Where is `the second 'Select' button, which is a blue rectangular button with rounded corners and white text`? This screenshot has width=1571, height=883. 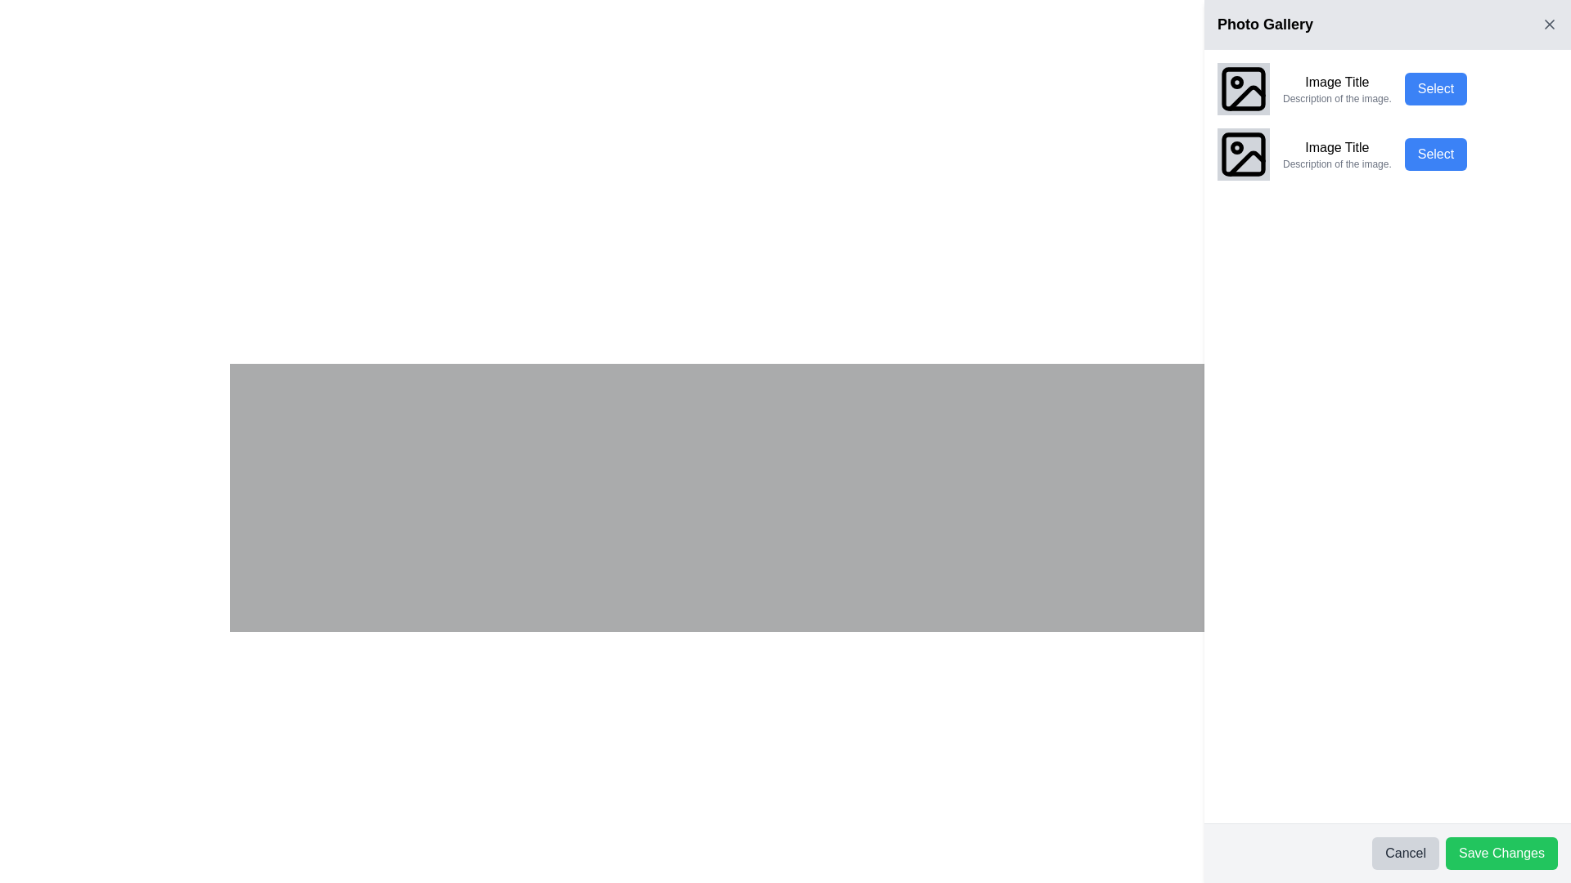 the second 'Select' button, which is a blue rectangular button with rounded corners and white text is located at coordinates (1434, 155).